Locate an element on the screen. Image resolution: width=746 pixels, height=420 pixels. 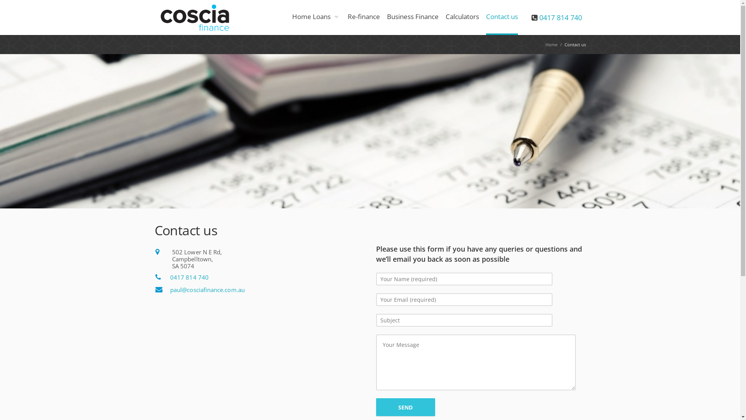
'Re-finance' is located at coordinates (363, 17).